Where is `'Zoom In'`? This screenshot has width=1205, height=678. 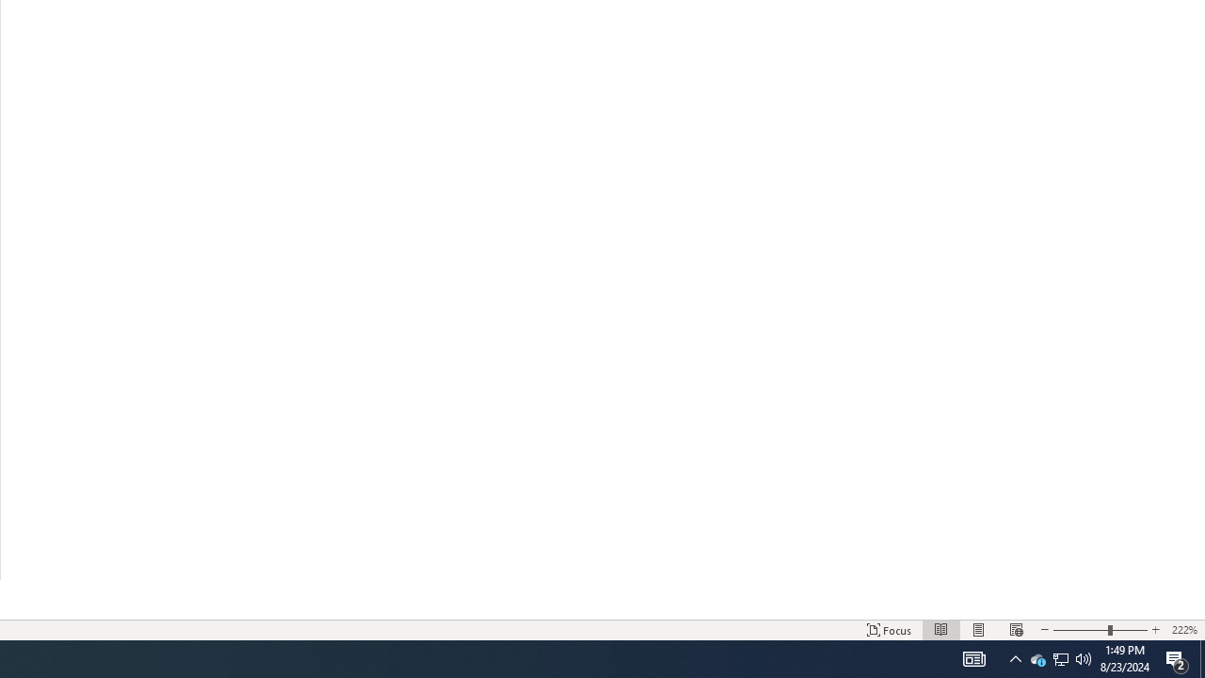
'Zoom In' is located at coordinates (1130, 630).